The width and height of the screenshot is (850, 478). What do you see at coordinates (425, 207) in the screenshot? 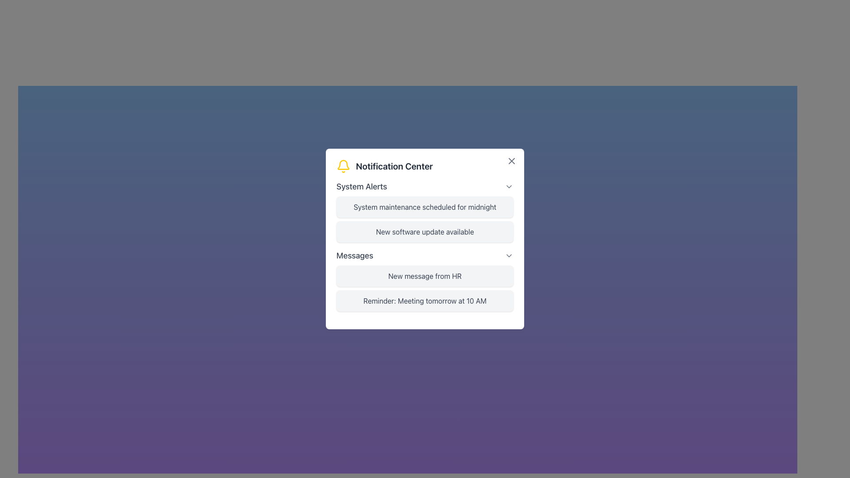
I see `the Text Display Box in the 'System Alerts' section of the 'Notification Center' dialog, which displays an informational message about scheduled system maintenance` at bounding box center [425, 207].